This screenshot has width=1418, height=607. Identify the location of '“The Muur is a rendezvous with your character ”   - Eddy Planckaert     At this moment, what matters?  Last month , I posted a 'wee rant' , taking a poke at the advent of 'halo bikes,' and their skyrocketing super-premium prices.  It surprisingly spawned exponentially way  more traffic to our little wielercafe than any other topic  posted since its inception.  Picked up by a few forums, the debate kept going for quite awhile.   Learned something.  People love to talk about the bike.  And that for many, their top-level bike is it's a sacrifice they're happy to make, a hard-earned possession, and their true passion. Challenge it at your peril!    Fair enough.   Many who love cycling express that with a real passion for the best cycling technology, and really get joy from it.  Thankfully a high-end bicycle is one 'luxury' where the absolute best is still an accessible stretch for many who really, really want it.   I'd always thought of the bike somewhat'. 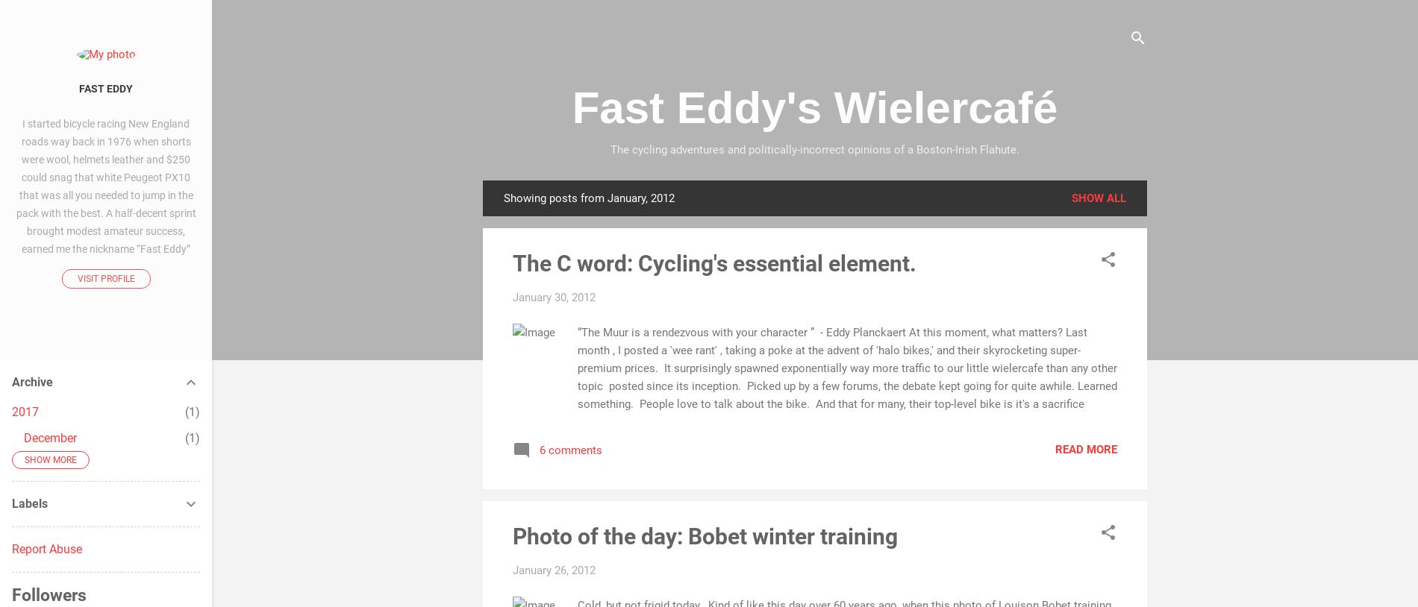
(847, 402).